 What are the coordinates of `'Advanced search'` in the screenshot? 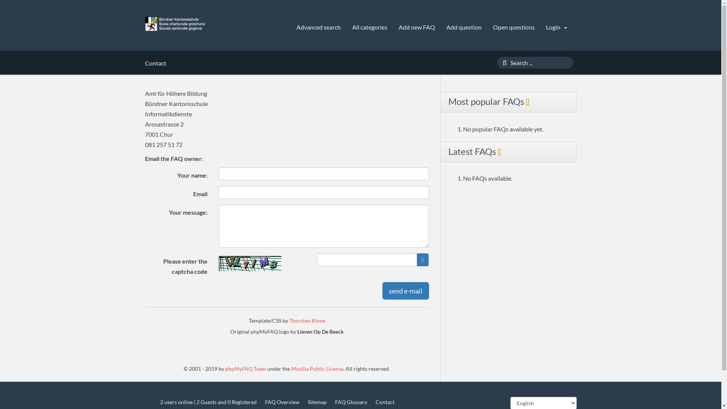 It's located at (318, 27).